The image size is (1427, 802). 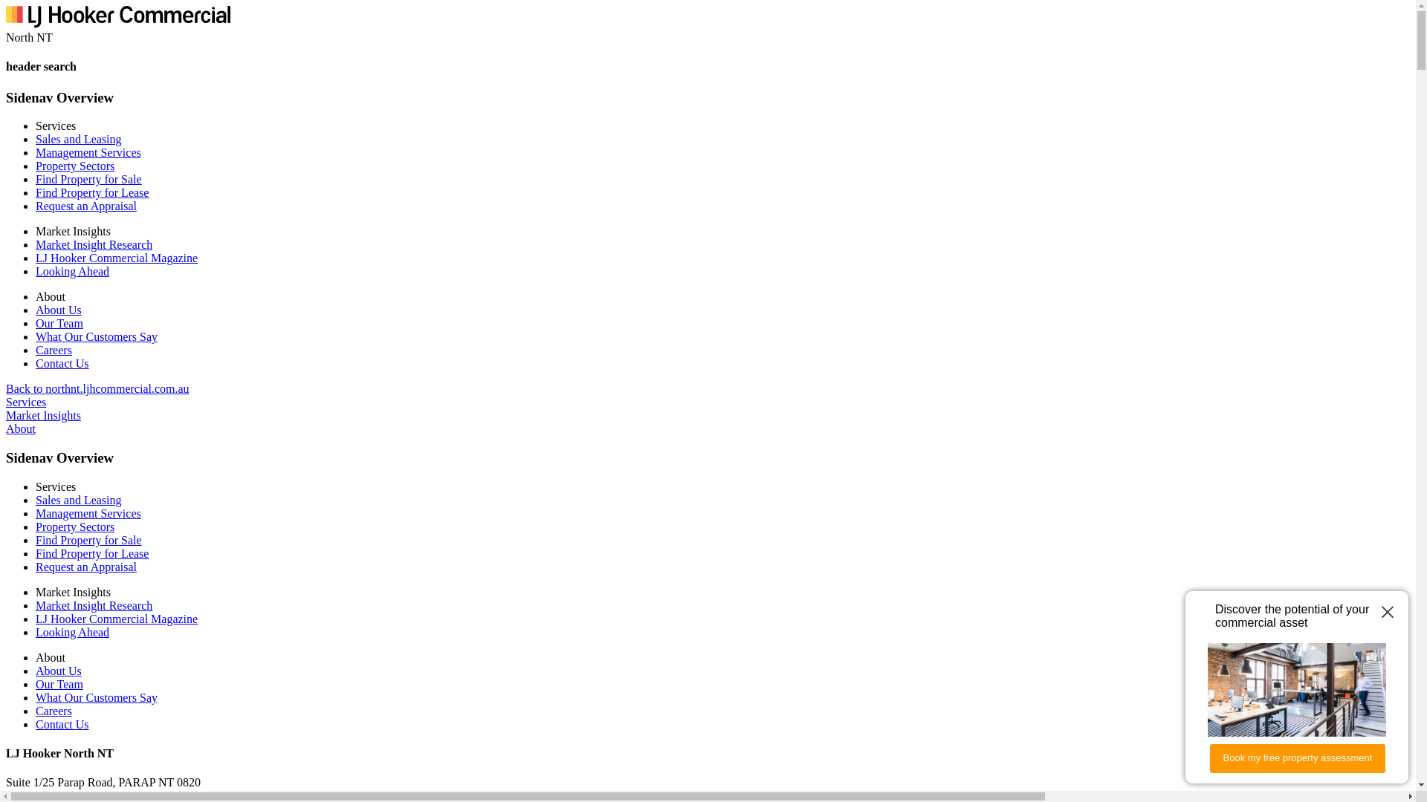 What do you see at coordinates (36, 526) in the screenshot?
I see `'Property Sectors'` at bounding box center [36, 526].